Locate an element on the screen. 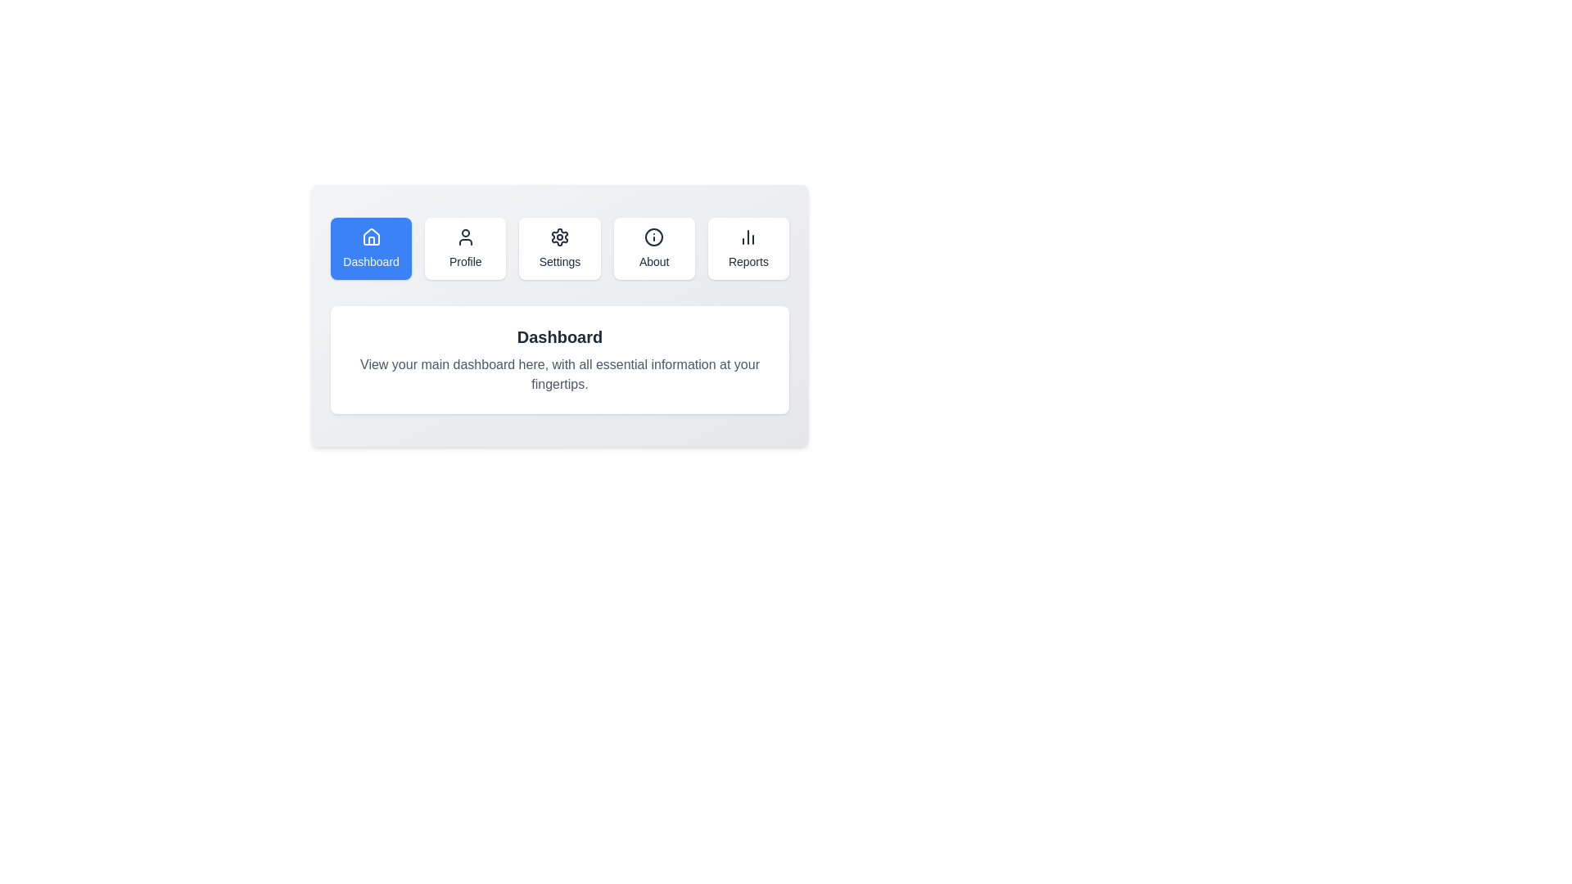 The width and height of the screenshot is (1572, 884). the Profile button to observe its effect is located at coordinates (464, 249).